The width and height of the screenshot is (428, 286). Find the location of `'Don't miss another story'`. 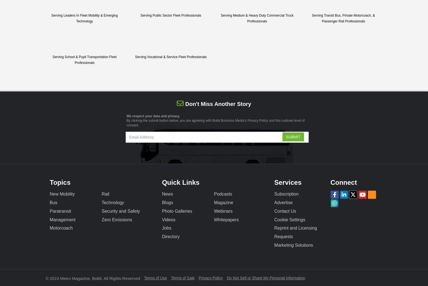

'Don't miss another story' is located at coordinates (218, 103).